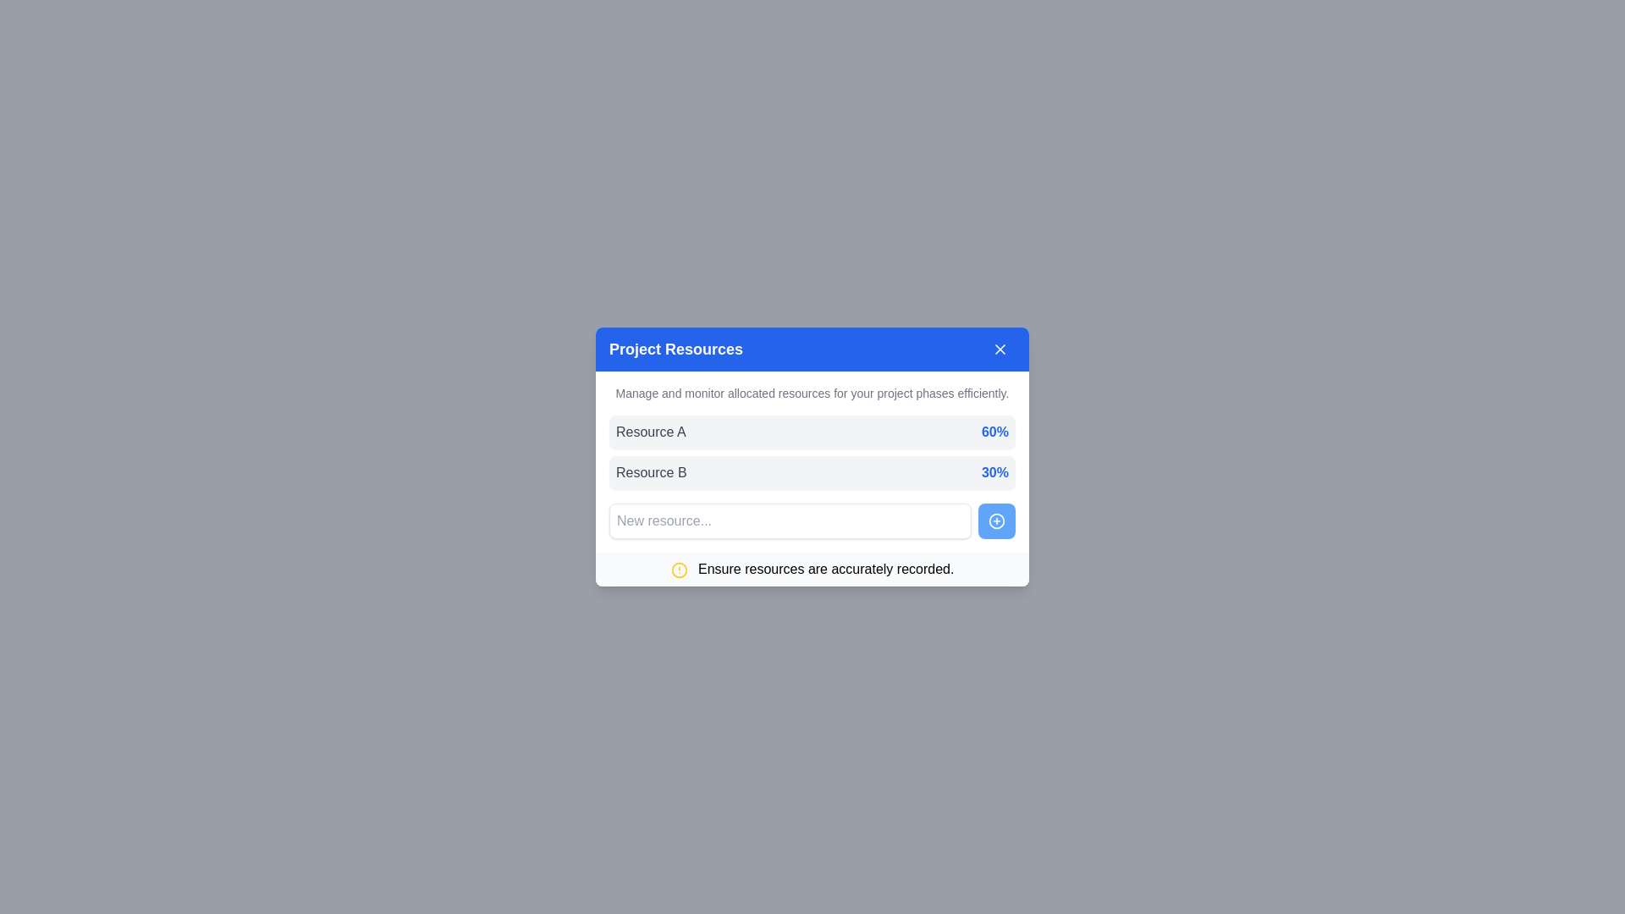 The width and height of the screenshot is (1625, 914). I want to click on the 'X' icon button in the top-right corner of the 'Project Resources' dialog, so click(1000, 348).